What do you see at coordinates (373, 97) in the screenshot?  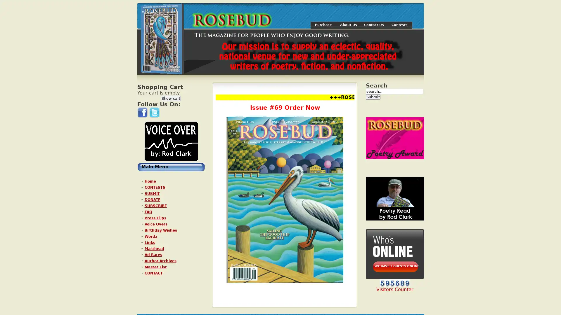 I see `Submit` at bounding box center [373, 97].